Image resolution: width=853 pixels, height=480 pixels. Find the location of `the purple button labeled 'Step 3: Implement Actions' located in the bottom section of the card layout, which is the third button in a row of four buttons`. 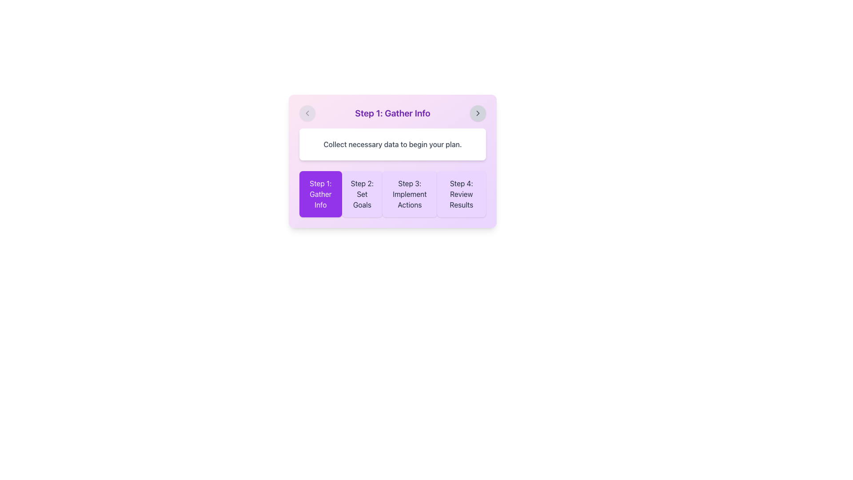

the purple button labeled 'Step 3: Implement Actions' located in the bottom section of the card layout, which is the third button in a row of four buttons is located at coordinates (409, 193).